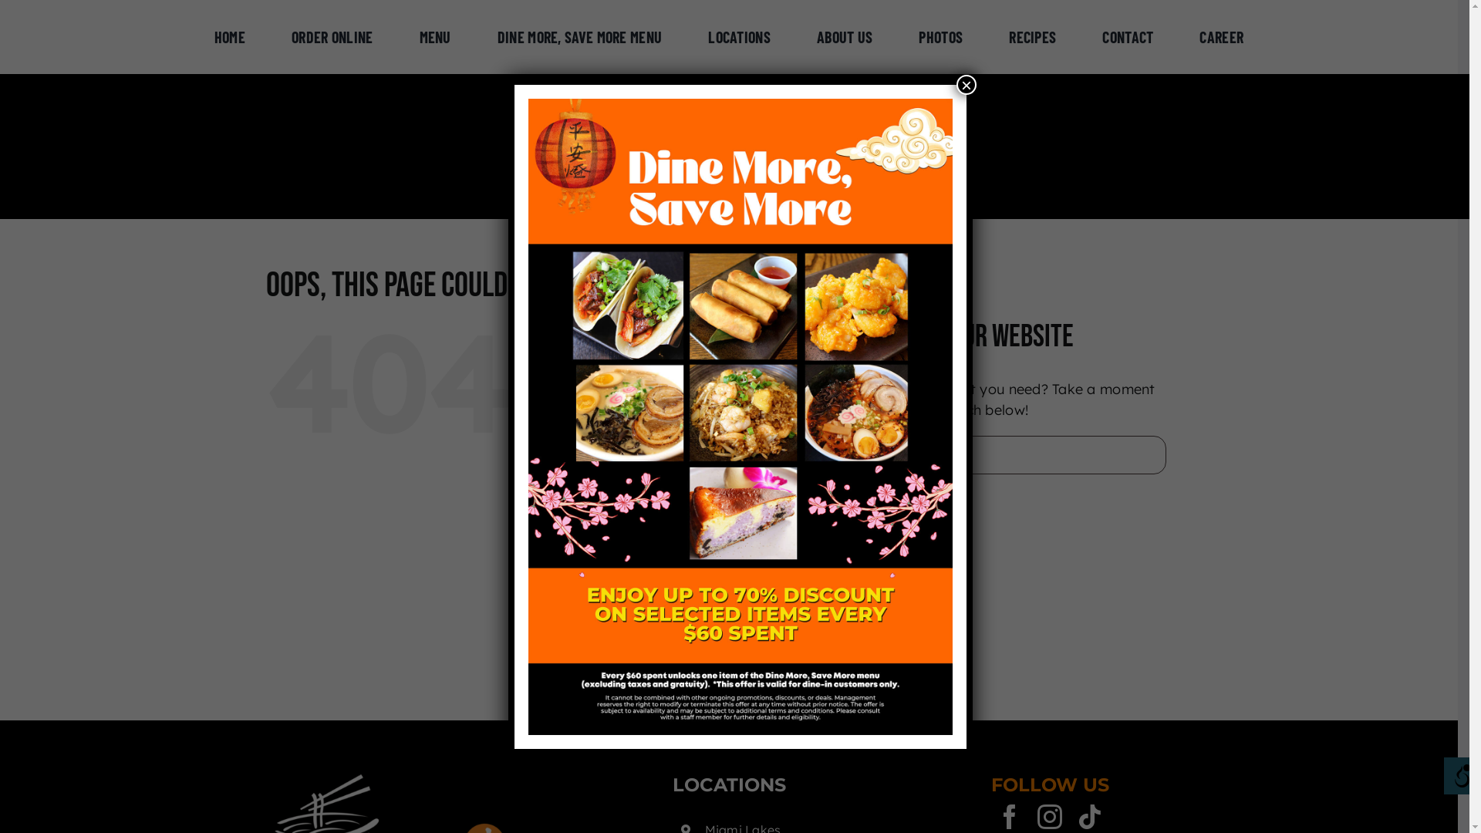  I want to click on 'Home', so click(666, 392).